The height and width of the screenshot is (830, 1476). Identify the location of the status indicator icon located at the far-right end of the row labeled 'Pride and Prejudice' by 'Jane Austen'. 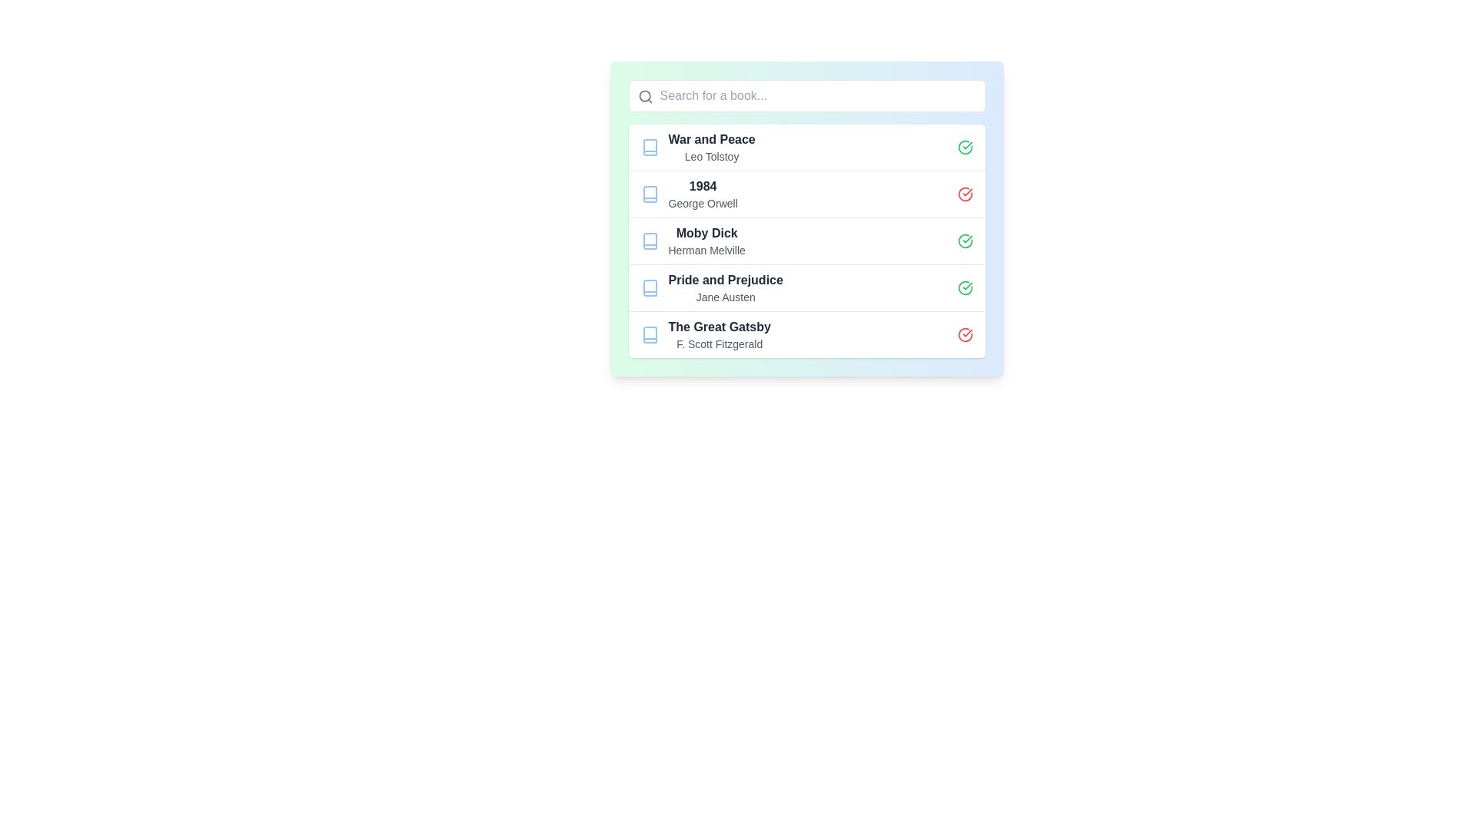
(964, 287).